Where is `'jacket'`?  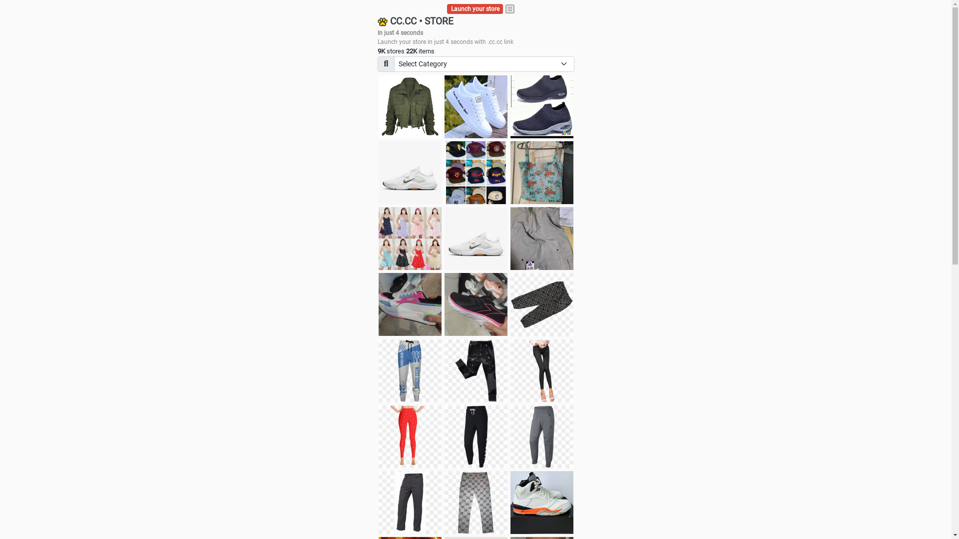
'jacket' is located at coordinates (410, 106).